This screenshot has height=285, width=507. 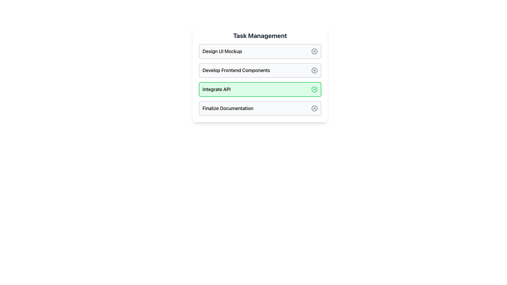 What do you see at coordinates (314, 70) in the screenshot?
I see `the left circular graphical element in the SVG icon of the 'Develop Frontend Components' row within the 'Task Management' section, which indicates that the task state may allow interaction` at bounding box center [314, 70].